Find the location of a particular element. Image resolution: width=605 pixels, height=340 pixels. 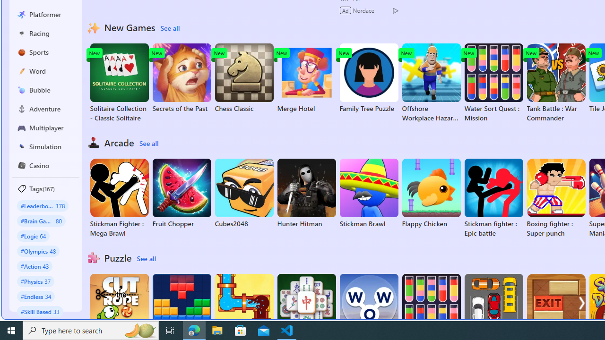

'Fruit Chopper' is located at coordinates (181, 193).